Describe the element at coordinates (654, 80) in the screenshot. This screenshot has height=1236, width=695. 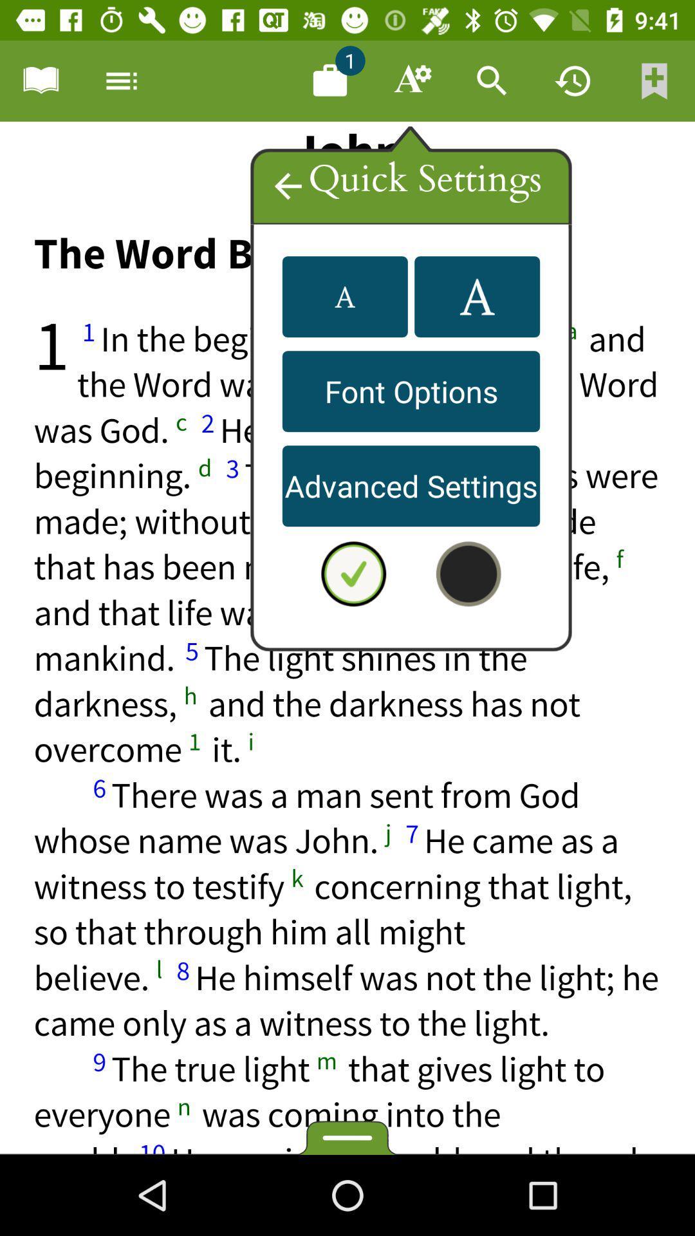
I see `bookmark page` at that location.